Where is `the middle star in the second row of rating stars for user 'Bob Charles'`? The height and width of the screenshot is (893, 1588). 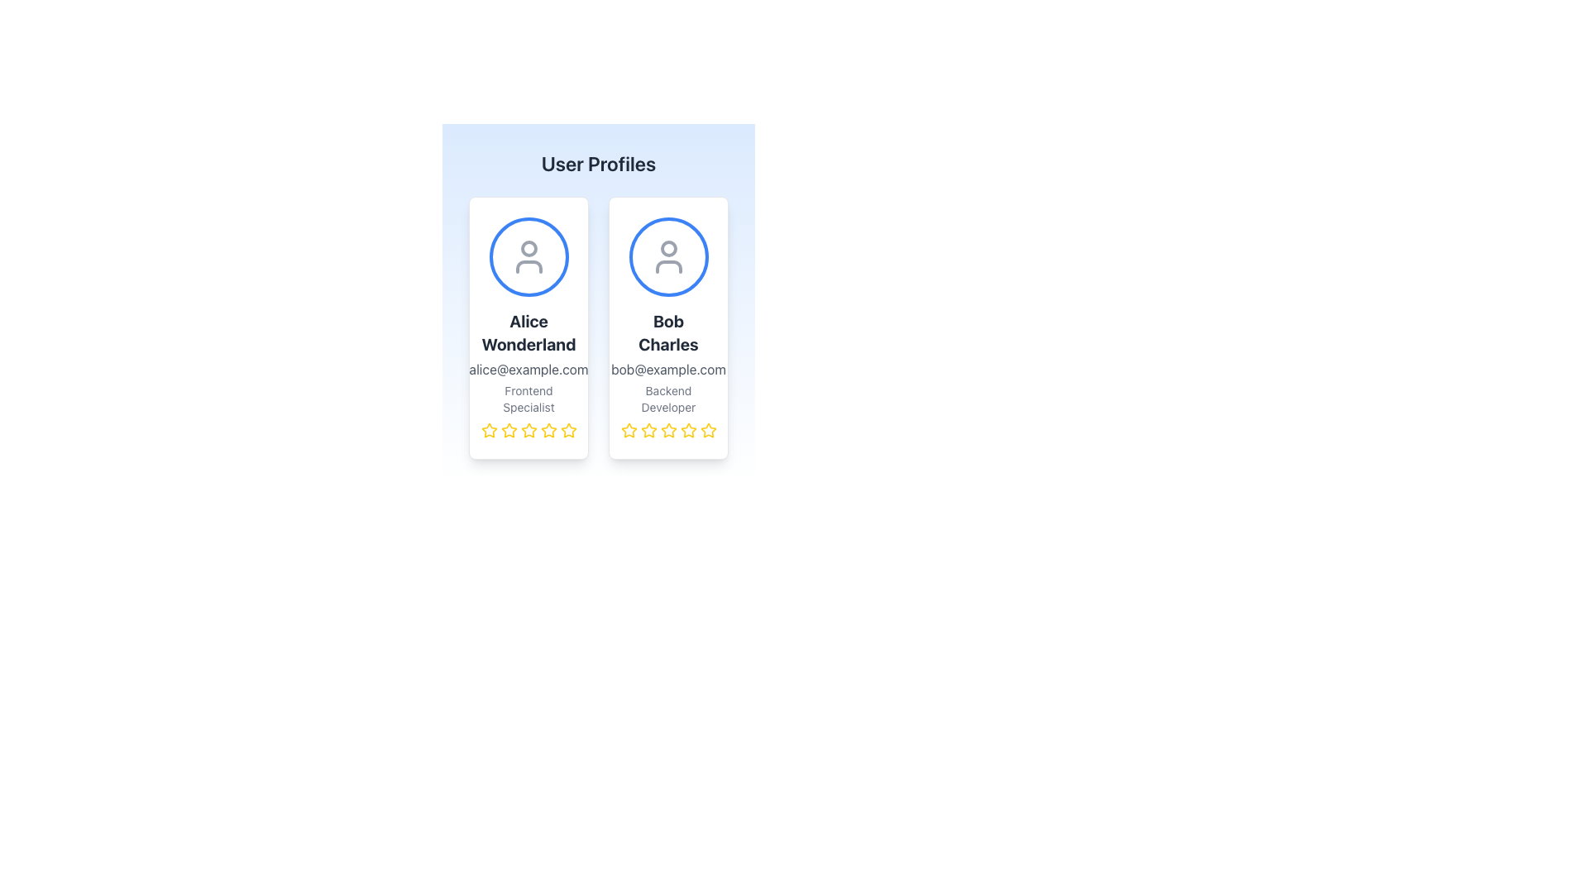
the middle star in the second row of rating stars for user 'Bob Charles' is located at coordinates (648, 429).